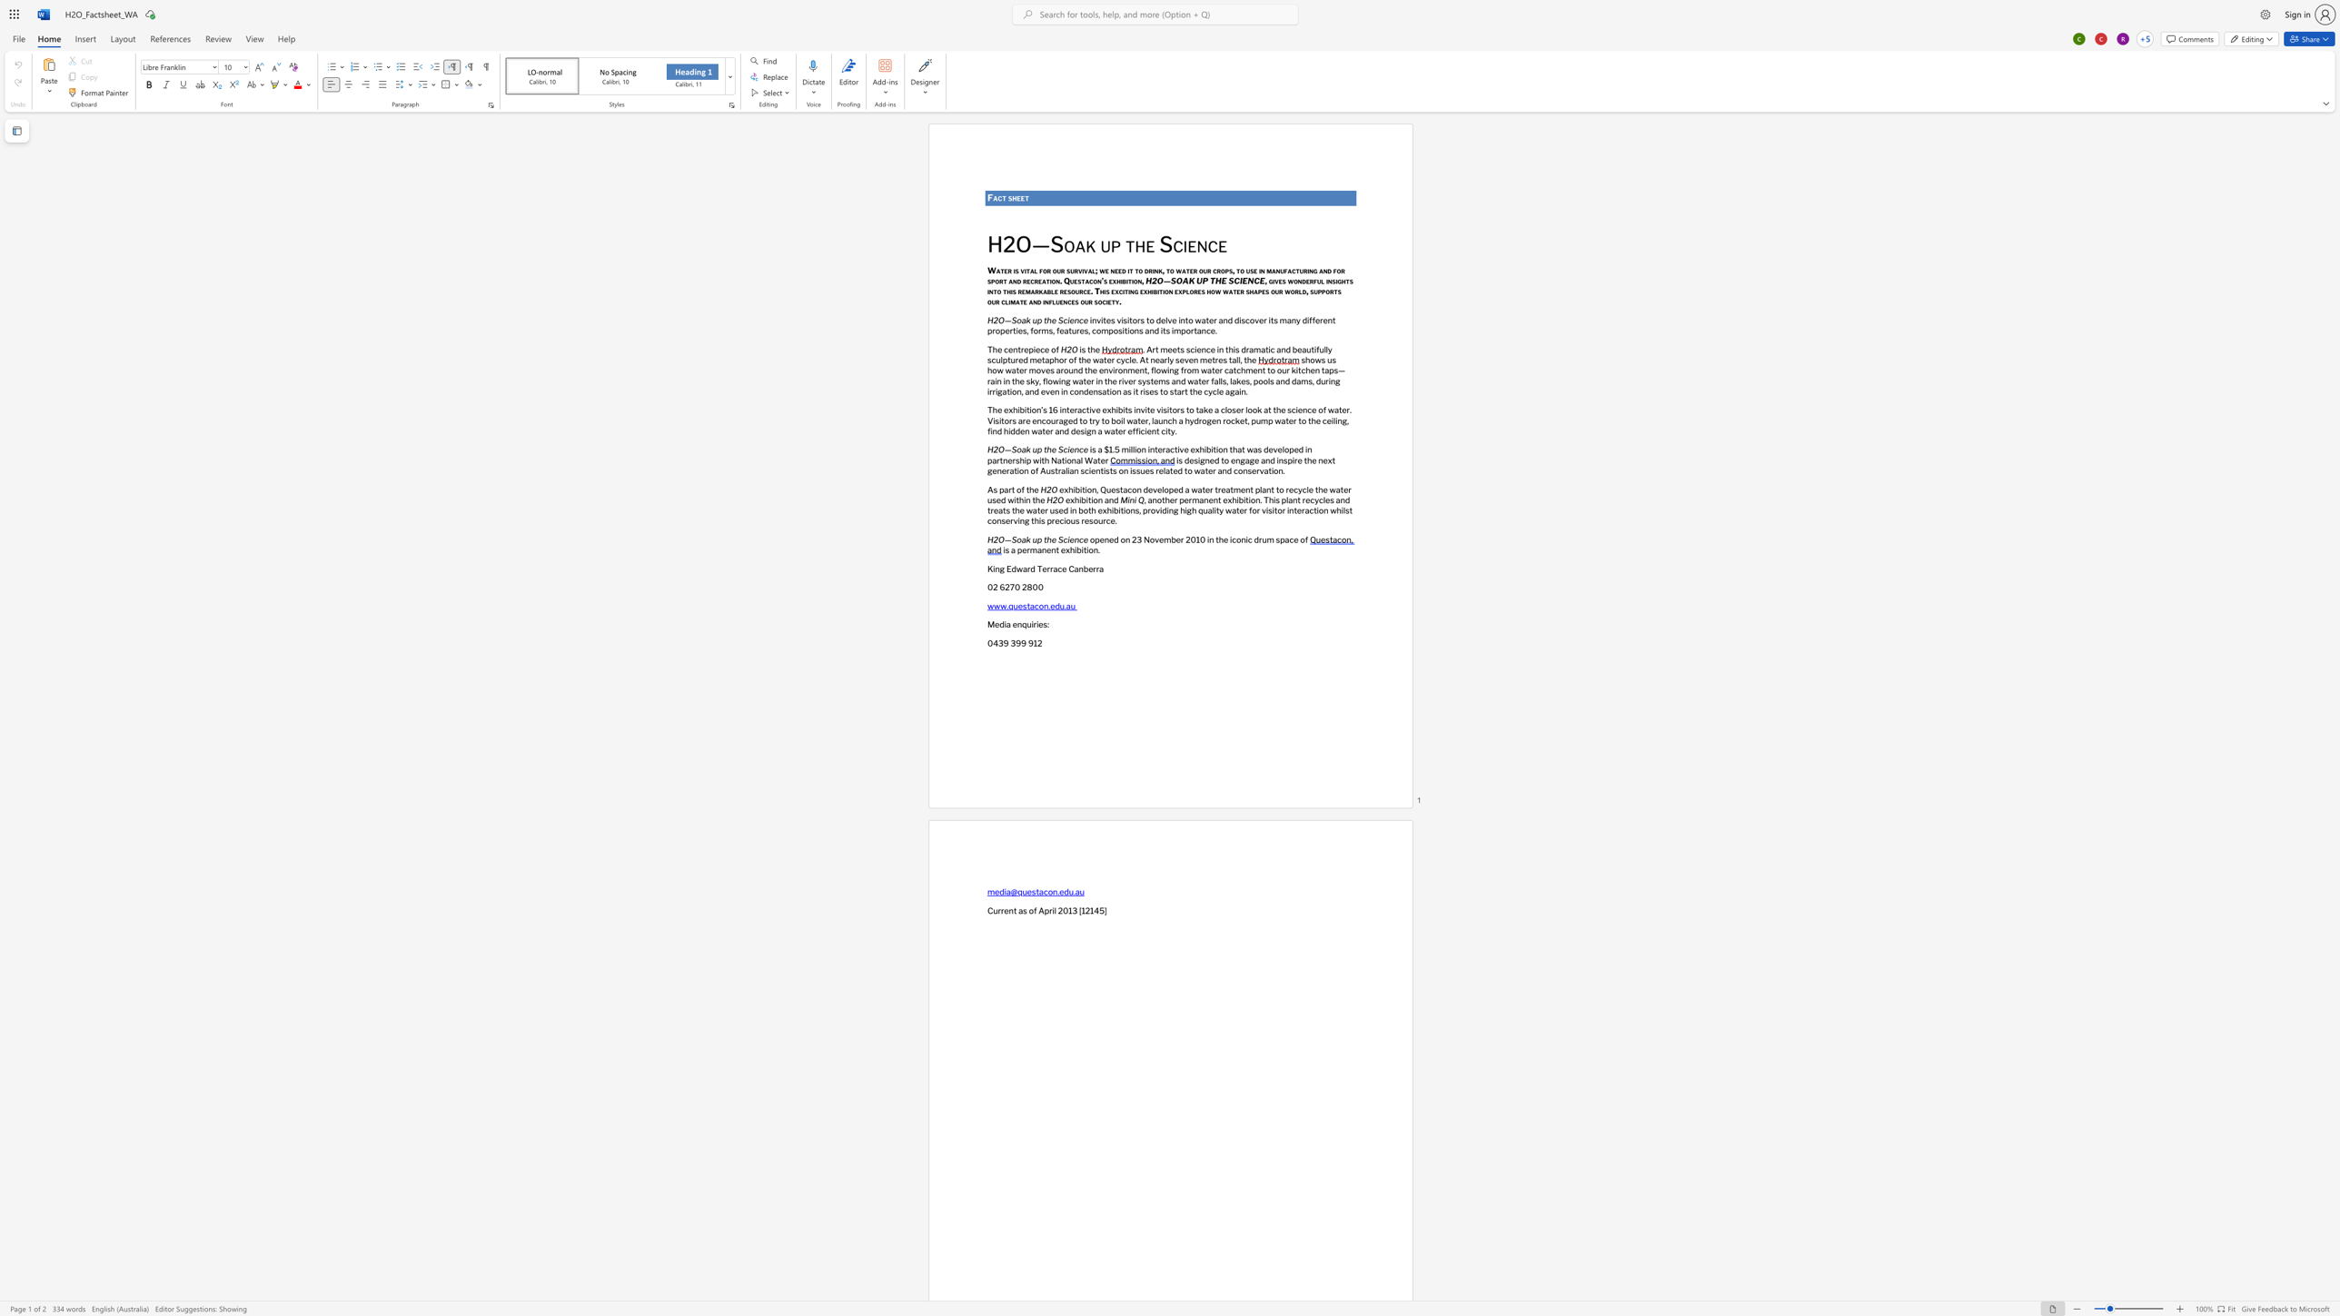 The width and height of the screenshot is (2340, 1316). What do you see at coordinates (1094, 331) in the screenshot?
I see `the 1th character "c" in the text` at bounding box center [1094, 331].